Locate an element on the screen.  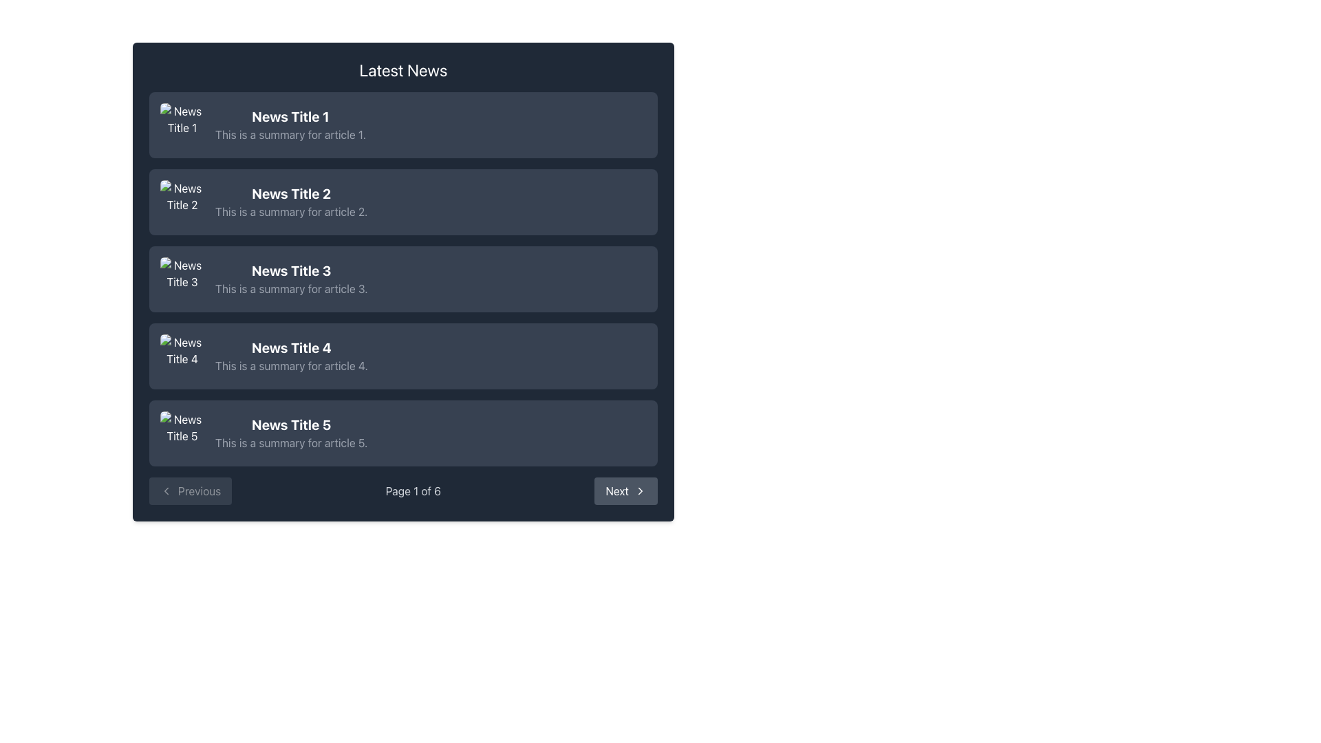
the summary text block of the third news article is located at coordinates (290, 279).